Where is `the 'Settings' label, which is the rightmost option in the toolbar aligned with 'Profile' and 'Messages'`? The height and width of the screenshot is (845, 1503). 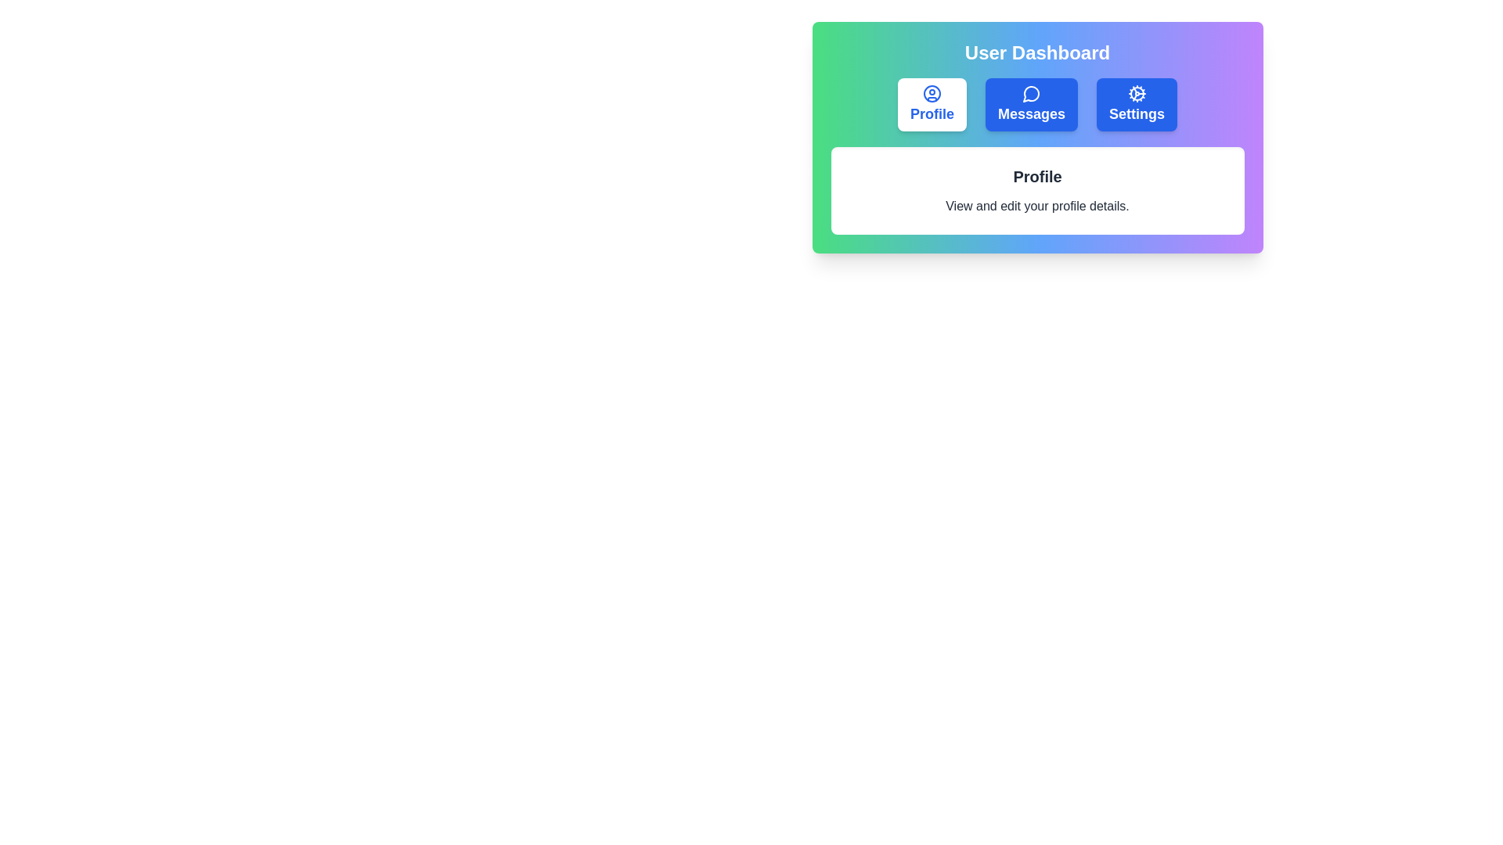
the 'Settings' label, which is the rightmost option in the toolbar aligned with 'Profile' and 'Messages' is located at coordinates (1137, 113).